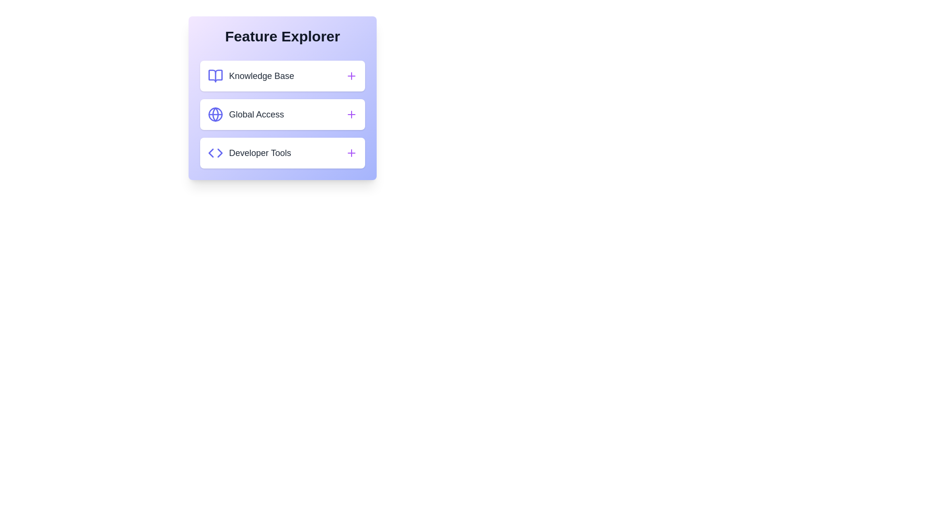 The width and height of the screenshot is (926, 520). I want to click on the list item Knowledge Base to observe its hover effect, so click(282, 76).